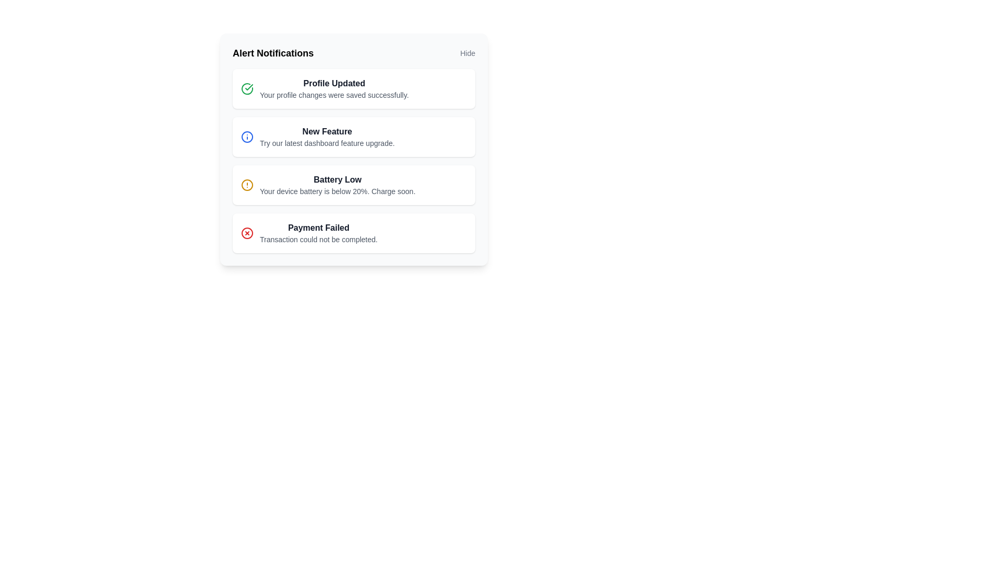  What do you see at coordinates (247, 137) in the screenshot?
I see `the SVG Circle Element in the second notification entry titled 'New Feature' which indicates an alert or category` at bounding box center [247, 137].